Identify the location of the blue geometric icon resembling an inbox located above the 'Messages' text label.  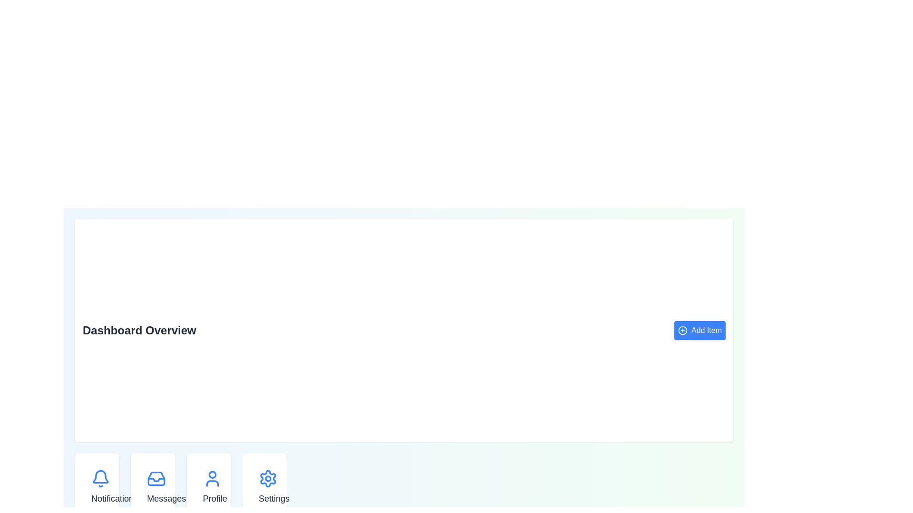
(156, 478).